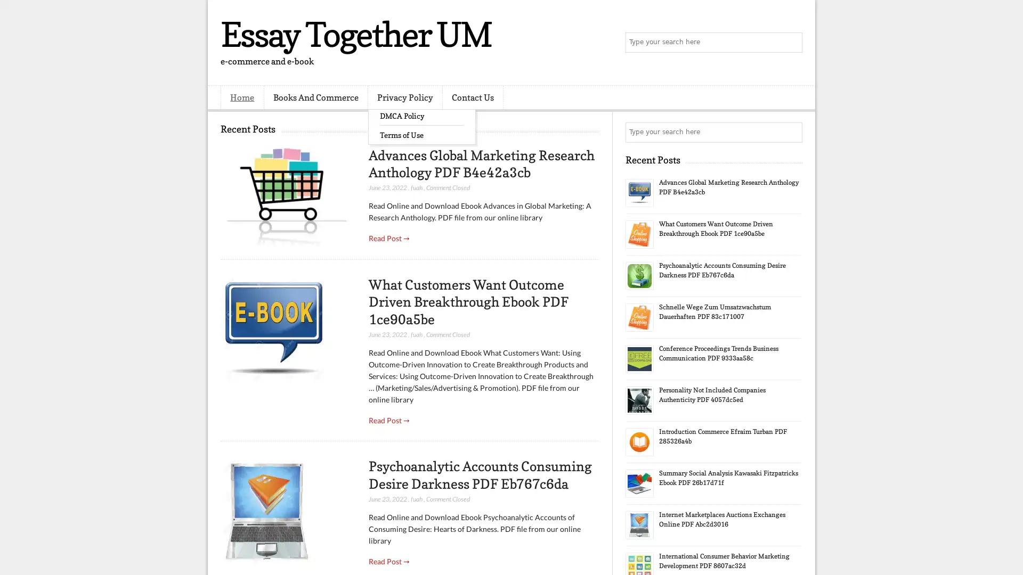 This screenshot has width=1023, height=575. I want to click on Search, so click(791, 132).